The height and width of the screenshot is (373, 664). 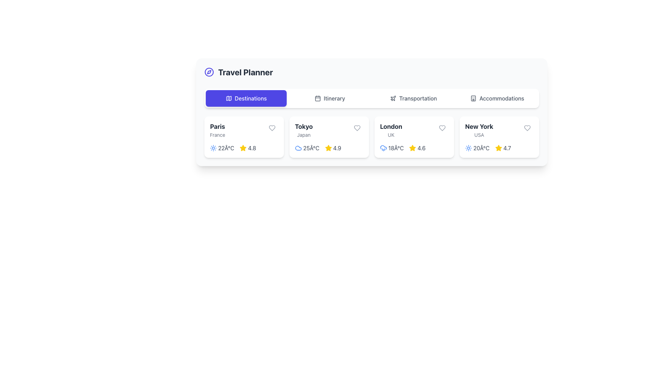 What do you see at coordinates (329, 137) in the screenshot?
I see `the Interactive card displaying travel information about Tokyo, Japan, which is the second card in the horizontal list of destination cards under the 'Destinations' tab` at bounding box center [329, 137].